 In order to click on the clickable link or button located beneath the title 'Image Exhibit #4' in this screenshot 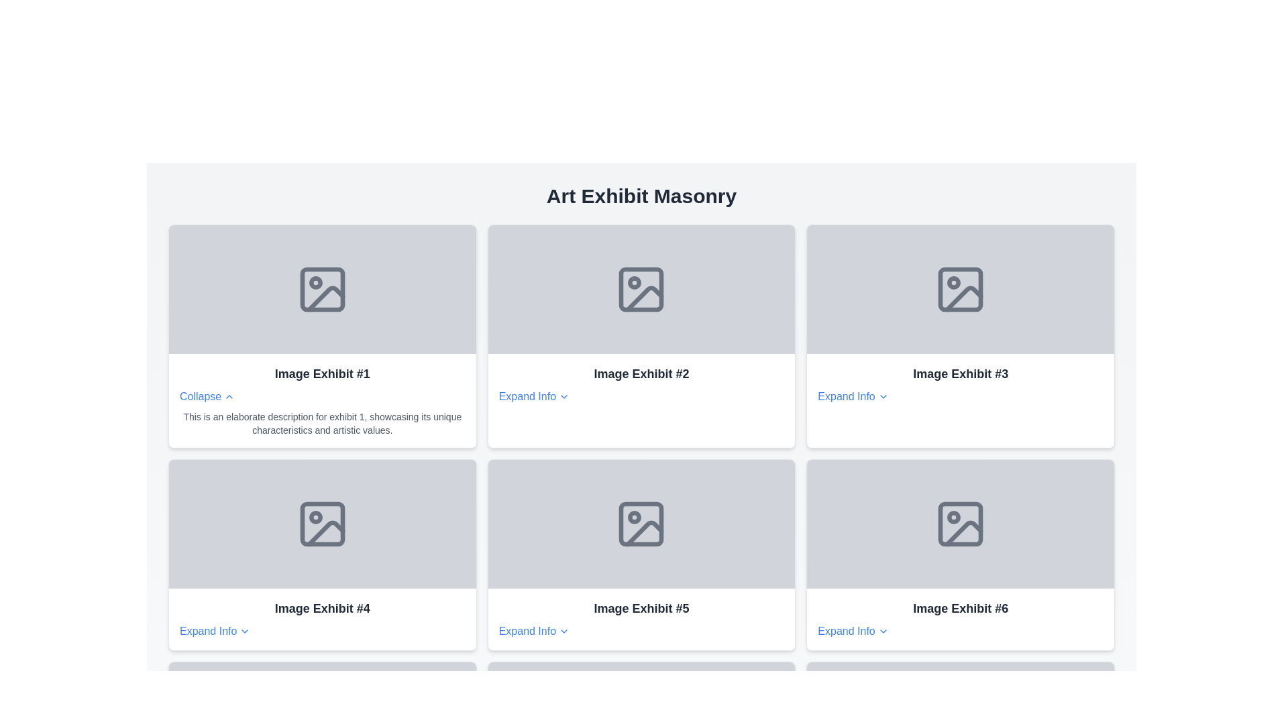, I will do `click(215, 631)`.